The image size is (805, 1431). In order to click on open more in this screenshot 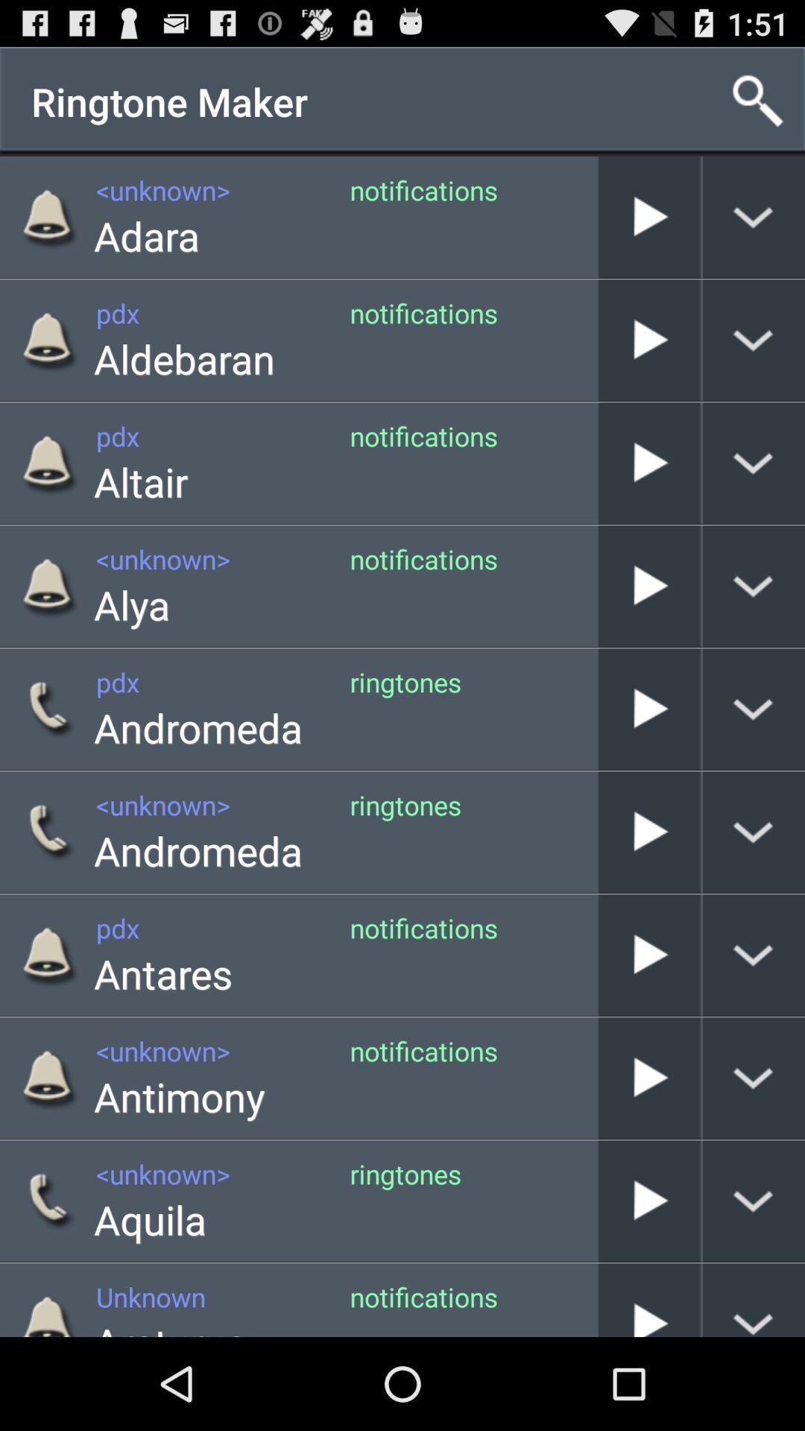, I will do `click(754, 831)`.